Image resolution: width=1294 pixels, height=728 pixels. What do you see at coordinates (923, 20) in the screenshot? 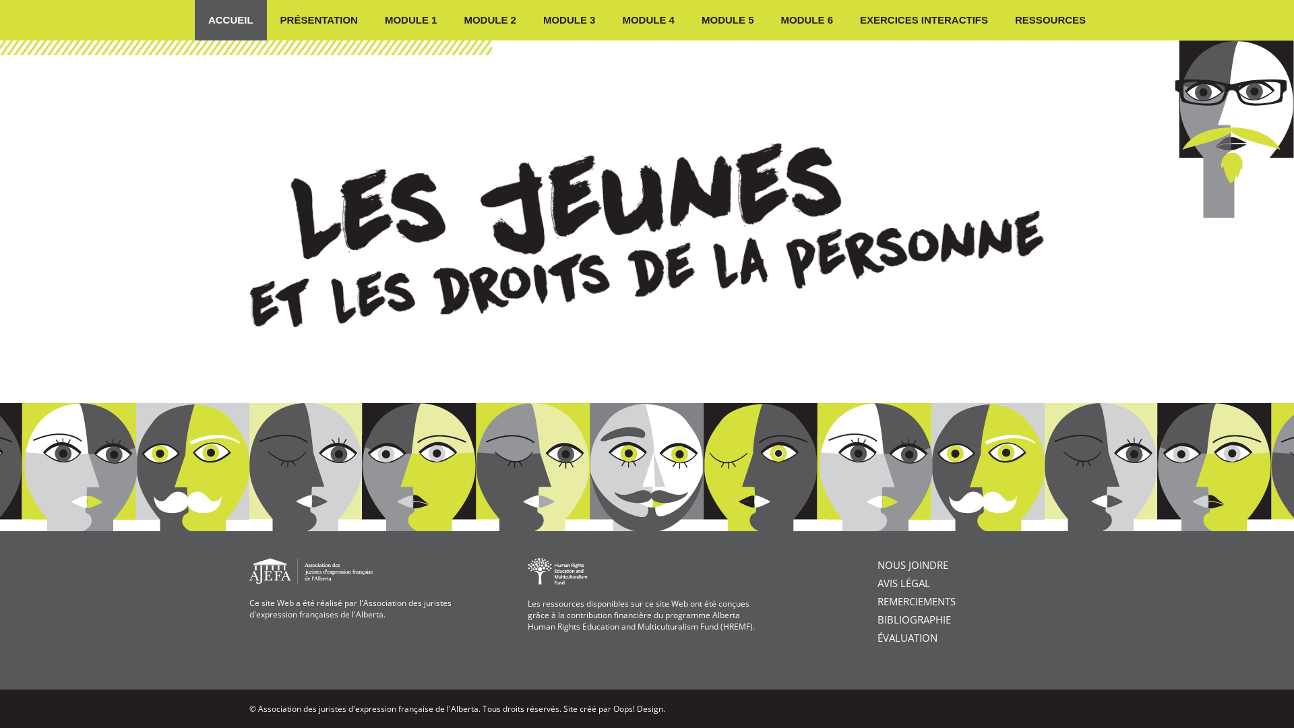
I see `'EXERCICES INTERACTIFS'` at bounding box center [923, 20].